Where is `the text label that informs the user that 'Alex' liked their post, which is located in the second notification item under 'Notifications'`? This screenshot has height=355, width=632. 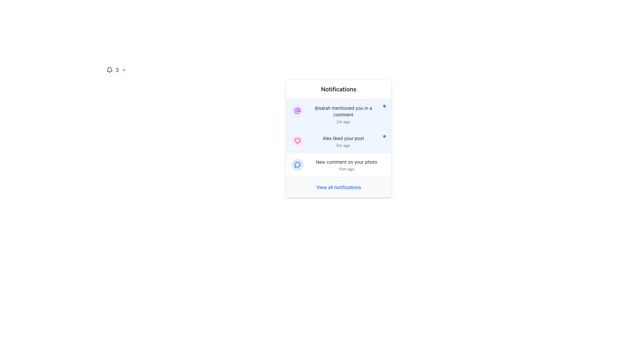 the text label that informs the user that 'Alex' liked their post, which is located in the second notification item under 'Notifications' is located at coordinates (343, 138).